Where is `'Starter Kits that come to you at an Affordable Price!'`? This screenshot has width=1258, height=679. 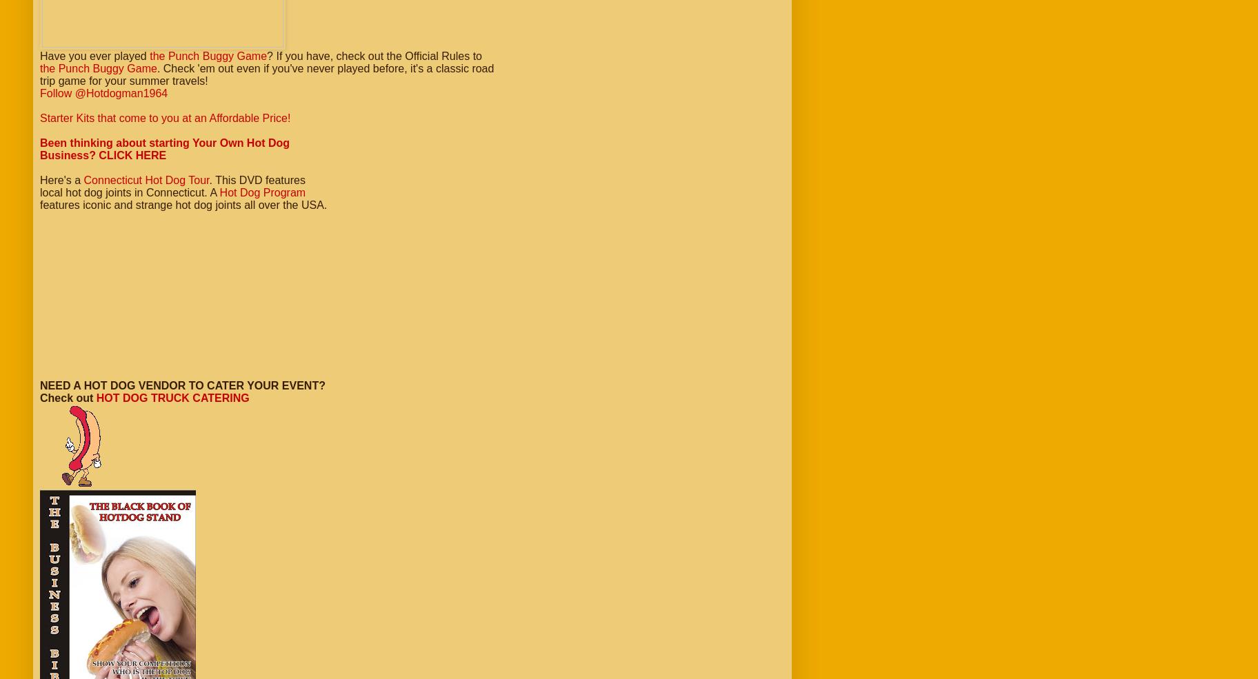 'Starter Kits that come to you at an Affordable Price!' is located at coordinates (165, 118).